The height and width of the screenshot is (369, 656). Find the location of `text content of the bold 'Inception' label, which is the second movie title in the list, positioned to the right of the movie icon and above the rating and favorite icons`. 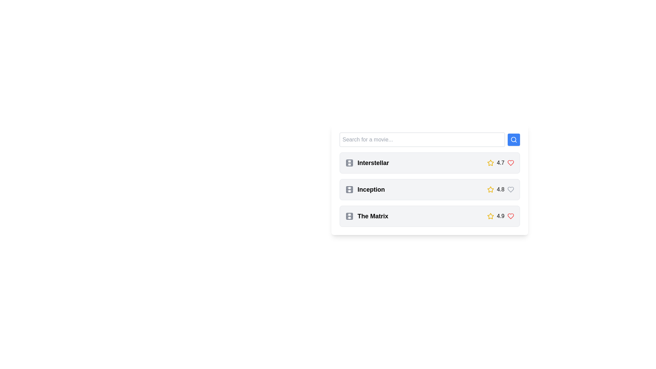

text content of the bold 'Inception' label, which is the second movie title in the list, positioned to the right of the movie icon and above the rating and favorite icons is located at coordinates (371, 190).